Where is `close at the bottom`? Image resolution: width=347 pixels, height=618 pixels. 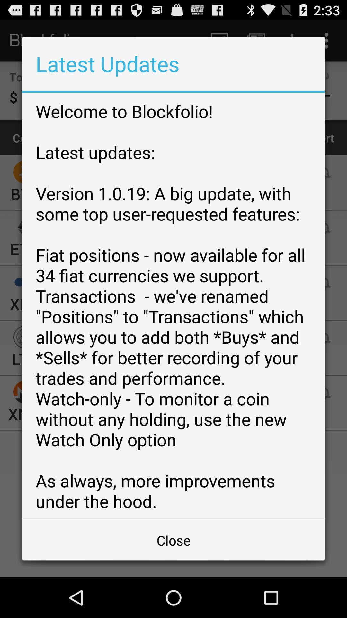 close at the bottom is located at coordinates (173, 540).